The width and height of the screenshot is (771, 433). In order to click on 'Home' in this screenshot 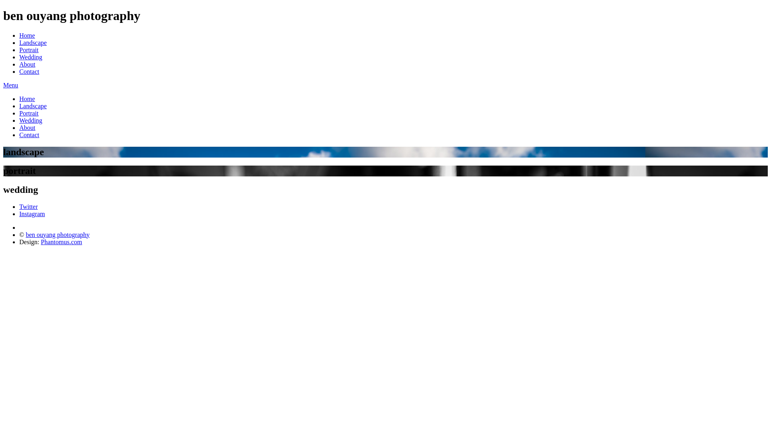, I will do `click(27, 98)`.